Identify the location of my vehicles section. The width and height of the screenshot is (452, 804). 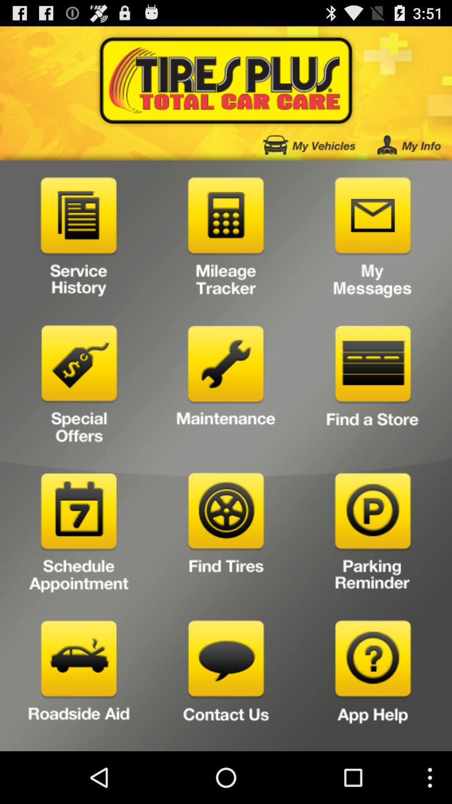
(309, 145).